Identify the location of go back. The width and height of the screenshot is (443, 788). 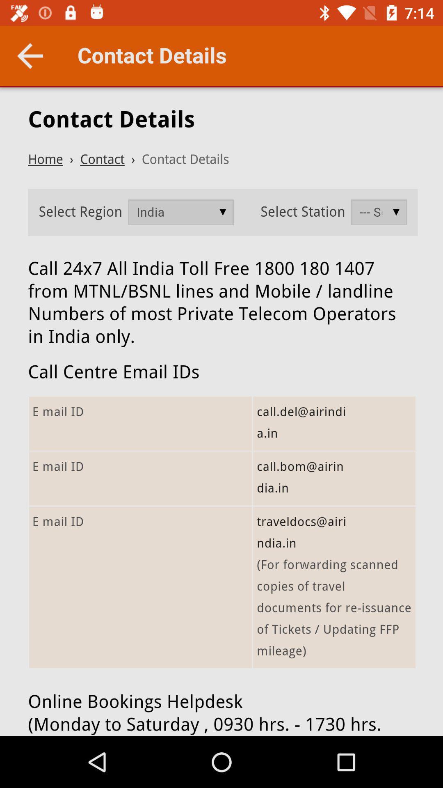
(30, 55).